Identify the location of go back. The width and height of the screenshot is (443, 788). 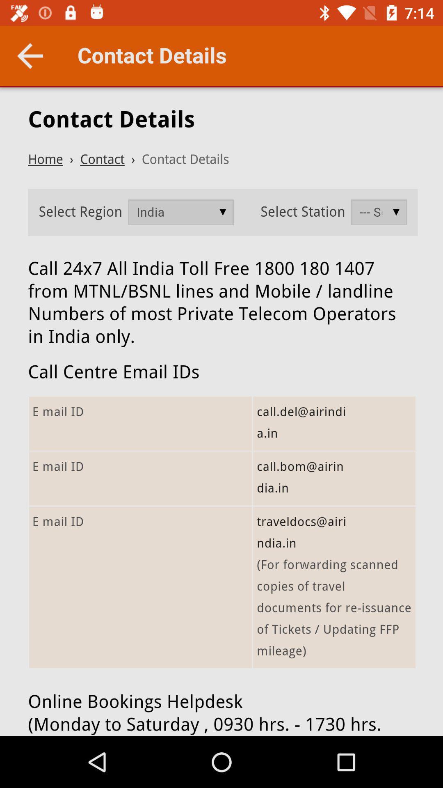
(30, 55).